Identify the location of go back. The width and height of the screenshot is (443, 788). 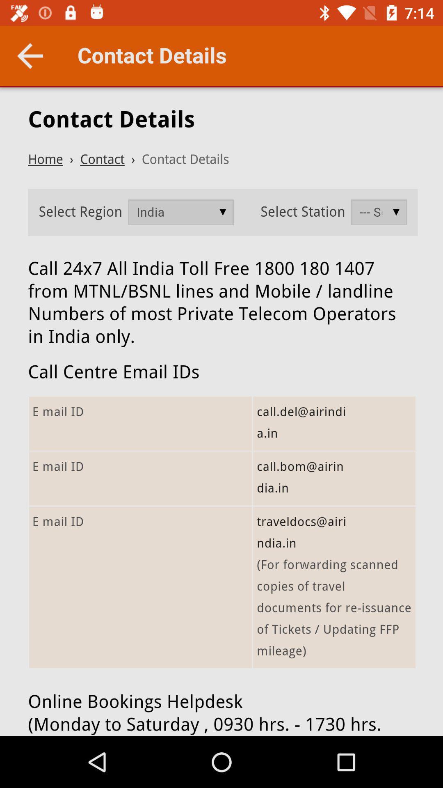
(30, 55).